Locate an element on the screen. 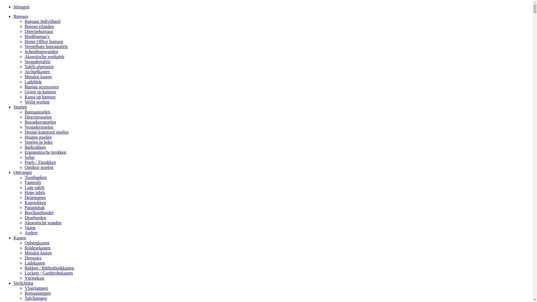 The width and height of the screenshot is (537, 302). 'Veilig werken' is located at coordinates (37, 102).